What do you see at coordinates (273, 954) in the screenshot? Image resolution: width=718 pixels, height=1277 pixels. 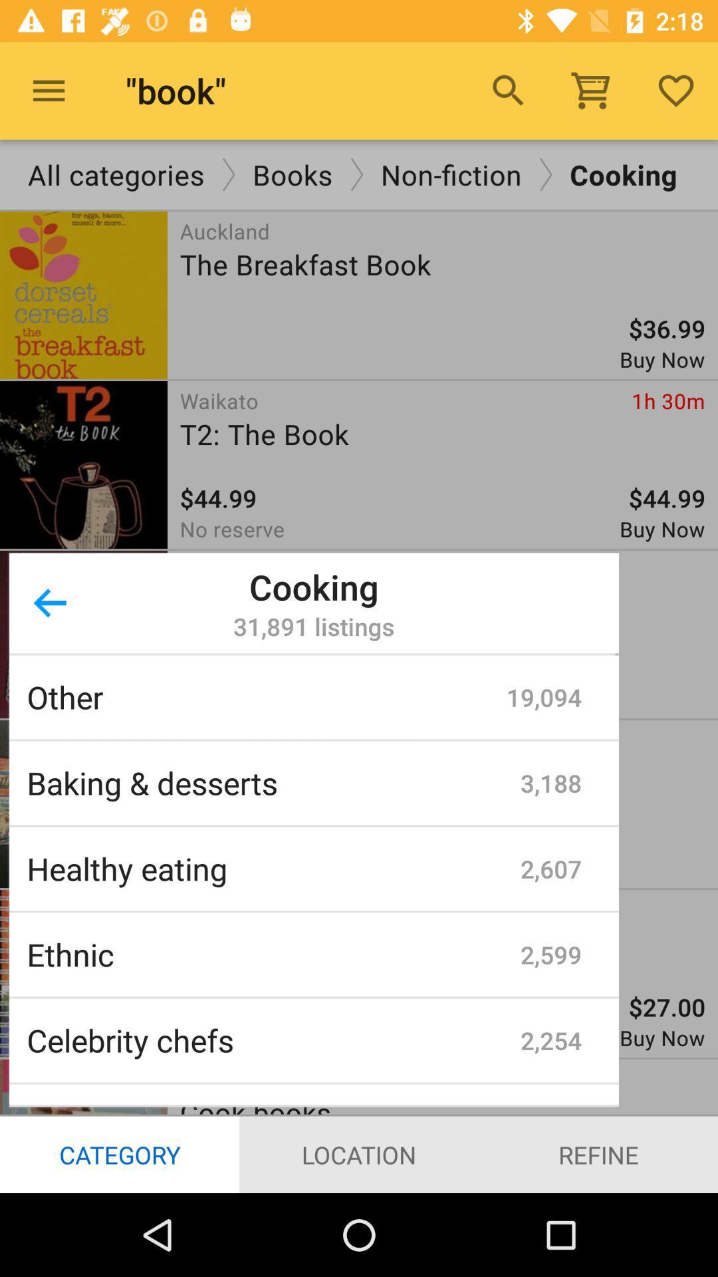 I see `ethnic` at bounding box center [273, 954].